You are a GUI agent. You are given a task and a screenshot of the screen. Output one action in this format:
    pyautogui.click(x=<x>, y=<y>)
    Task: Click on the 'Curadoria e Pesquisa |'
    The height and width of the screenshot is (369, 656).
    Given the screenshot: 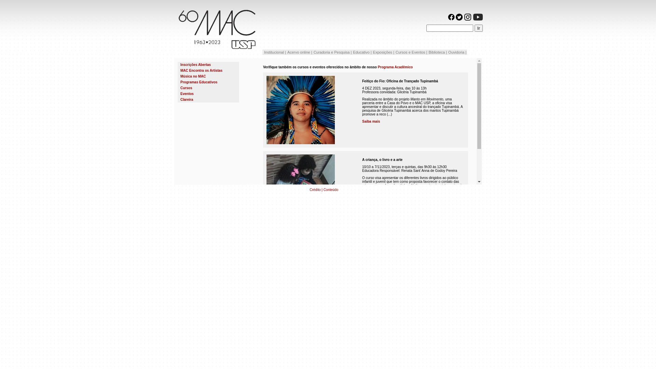 What is the action you would take?
    pyautogui.click(x=313, y=52)
    